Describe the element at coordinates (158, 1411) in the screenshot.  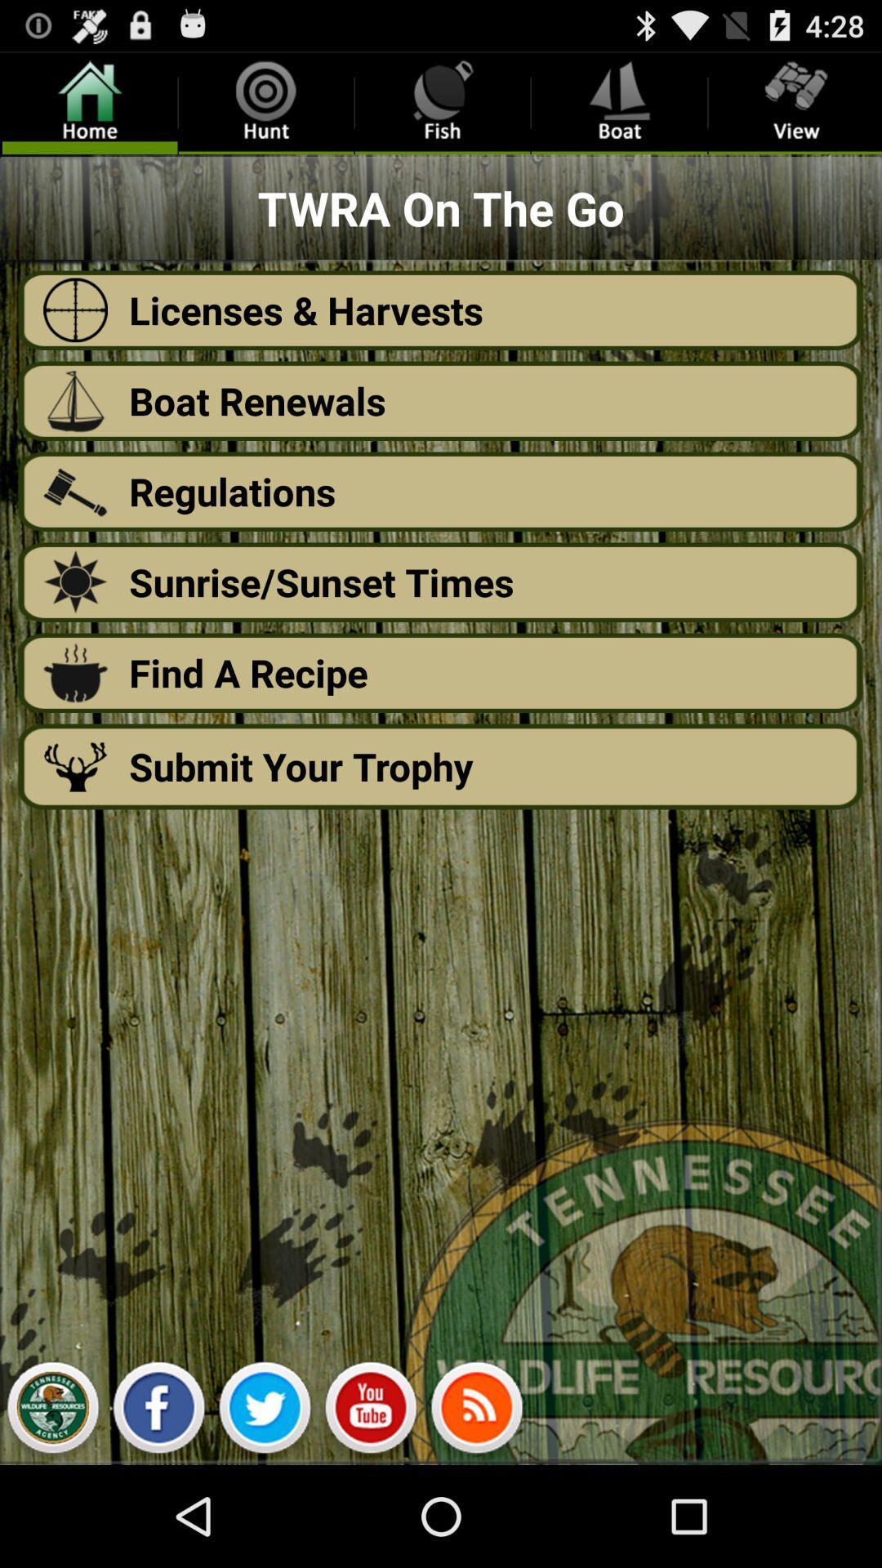
I see `the facebook` at that location.